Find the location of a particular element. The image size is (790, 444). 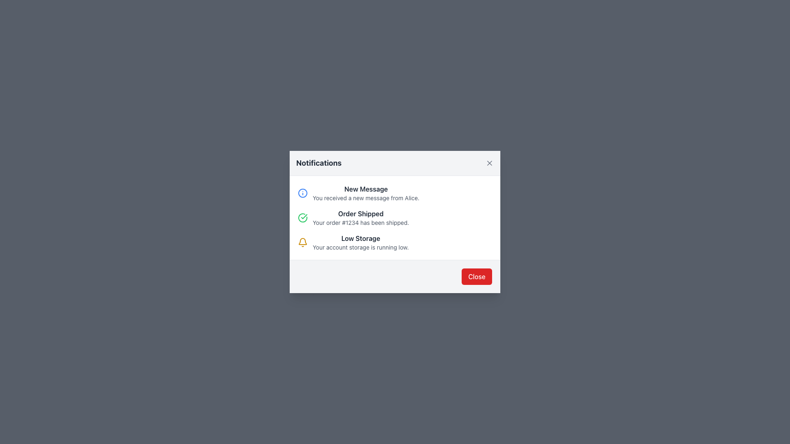

the 'X' icon located in the top-right corner of the notification window is located at coordinates (490, 163).